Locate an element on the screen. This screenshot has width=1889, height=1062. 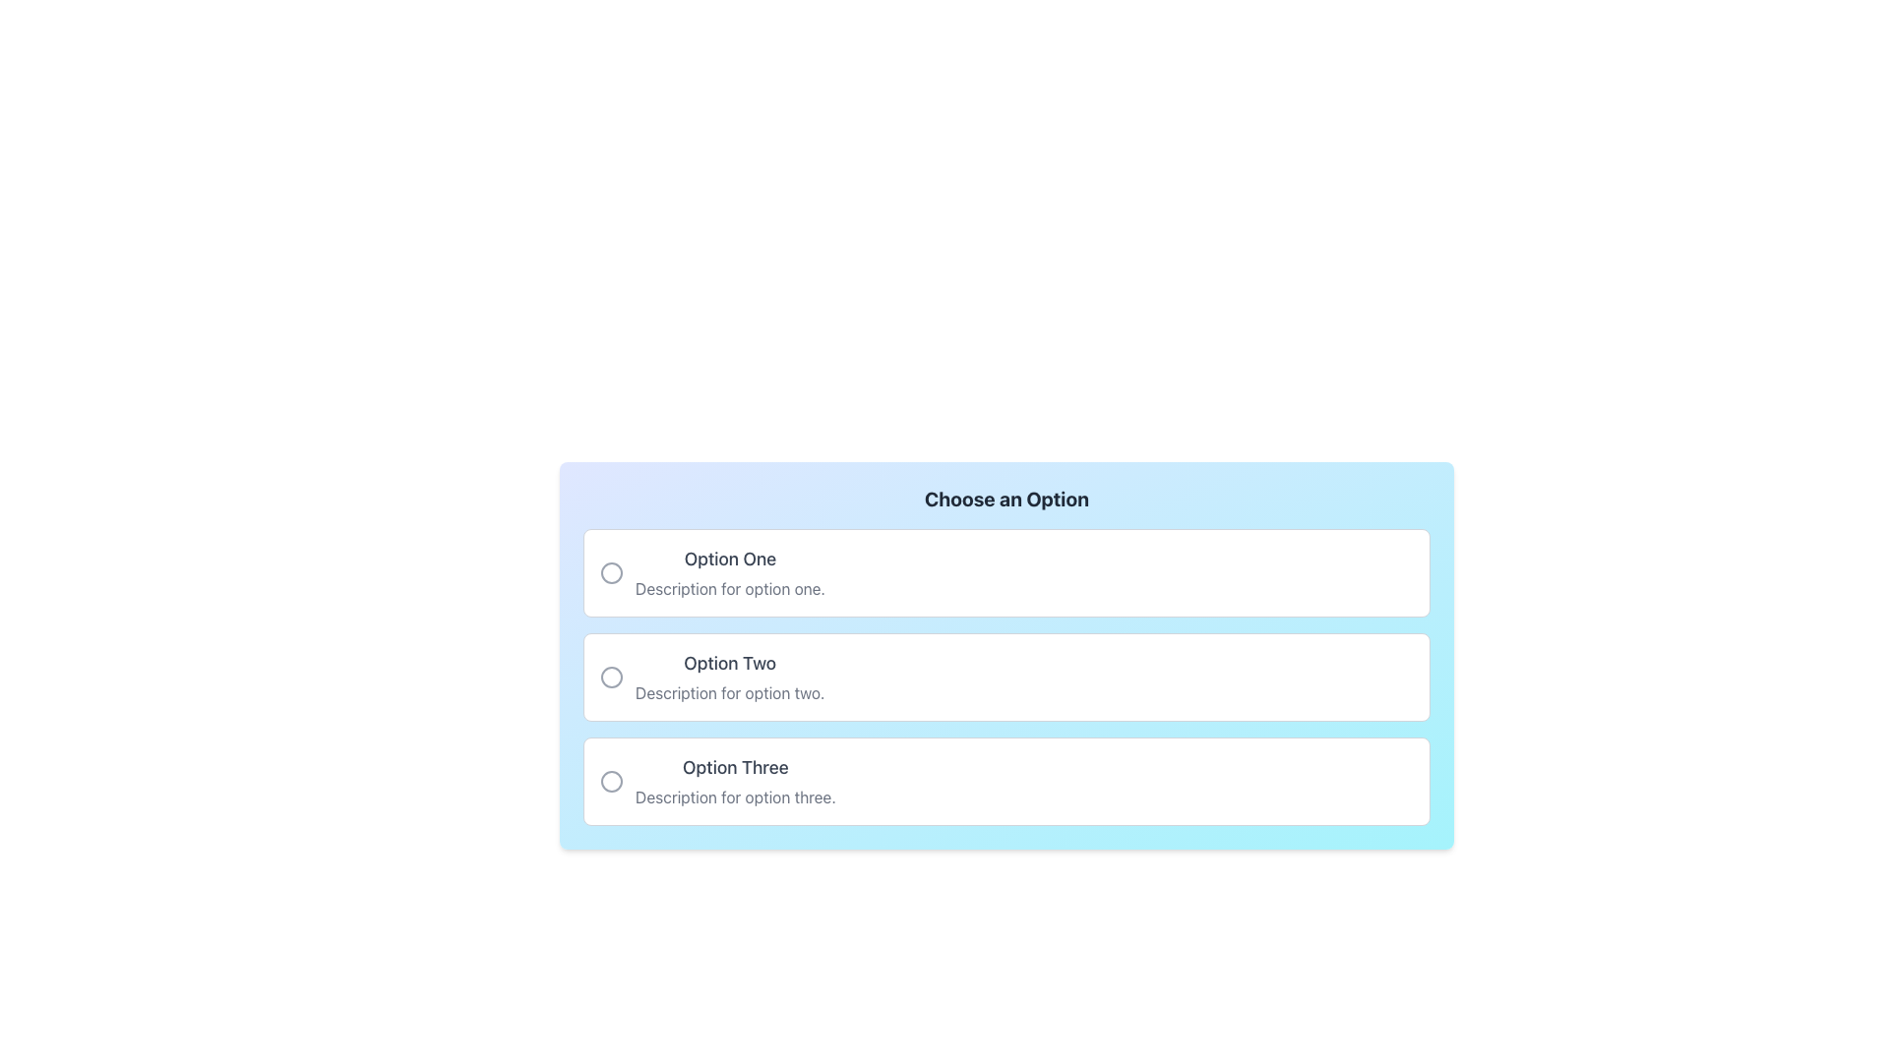
the text label displaying 'Option Three' which is styled in a medium-sized, gray-toned font and located in the third option group of a vertically stacked list is located at coordinates (734, 766).